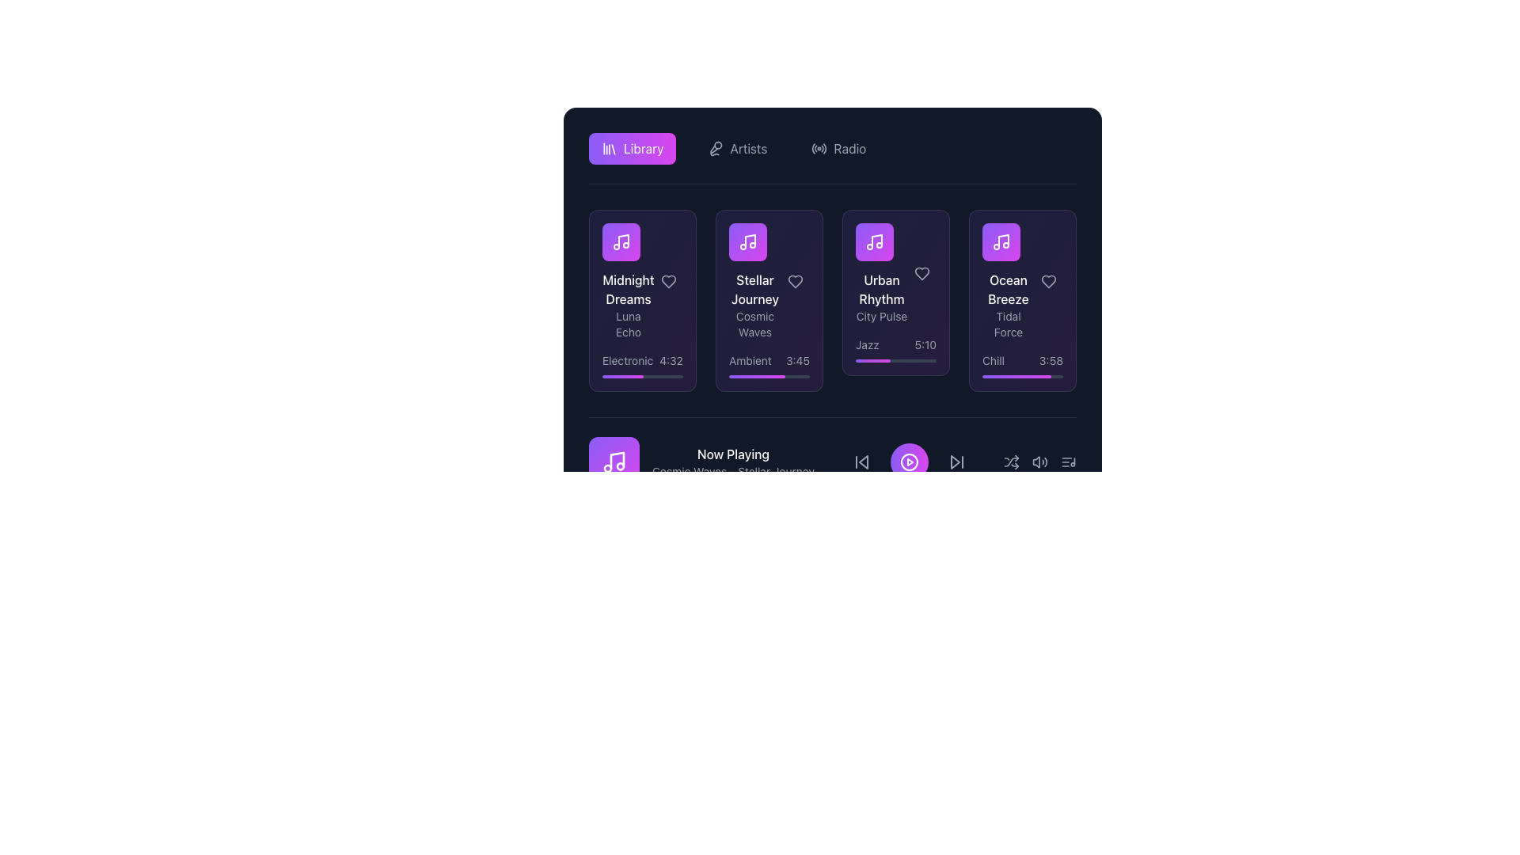  Describe the element at coordinates (922, 273) in the screenshot. I see `the heart icon button within the 'Urban Rhythm' card` at that location.